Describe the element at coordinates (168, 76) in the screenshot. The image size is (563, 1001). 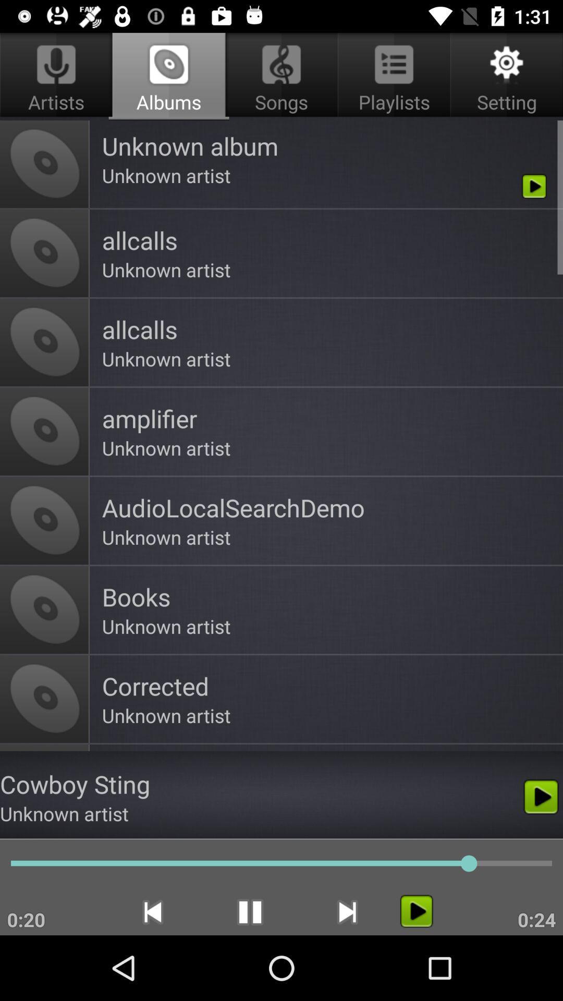
I see `the albums icon` at that location.